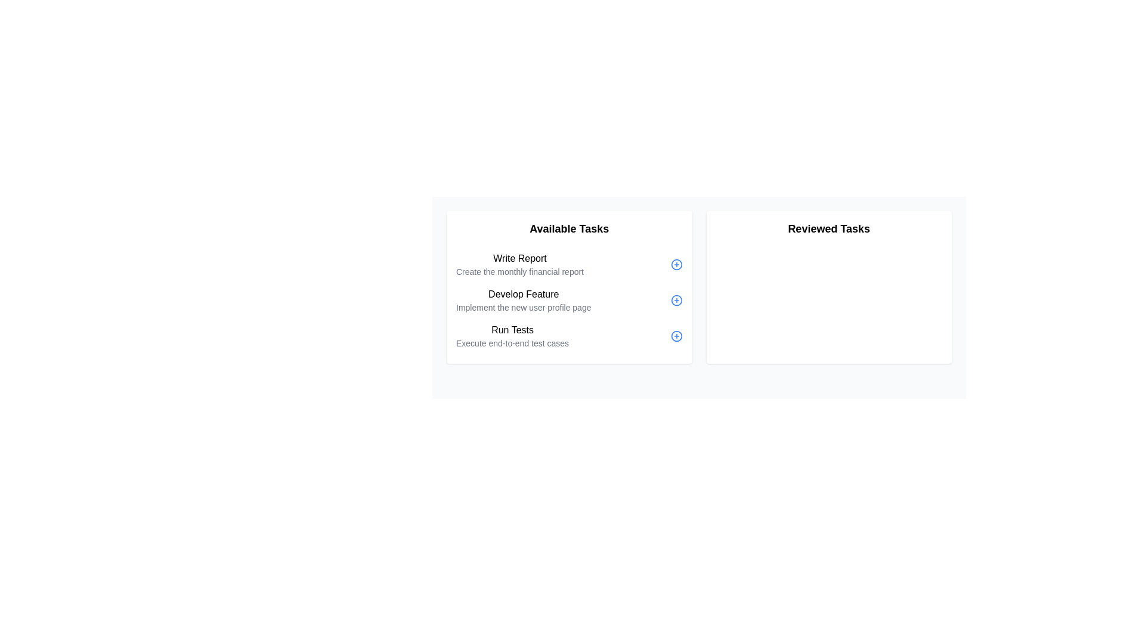 The width and height of the screenshot is (1145, 644). Describe the element at coordinates (524, 294) in the screenshot. I see `text label 'Develop Feature' located centrally within the task card under the 'Available Tasks' section, above the description 'Implement the new user profile page'` at that location.